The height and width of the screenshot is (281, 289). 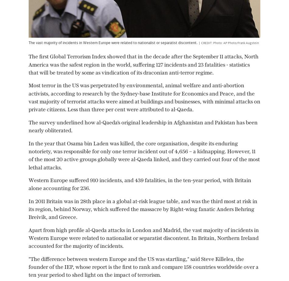 I want to click on 'London Palestine protest latest: Demonstrators march on Trafalgar Square', so click(x=238, y=214).